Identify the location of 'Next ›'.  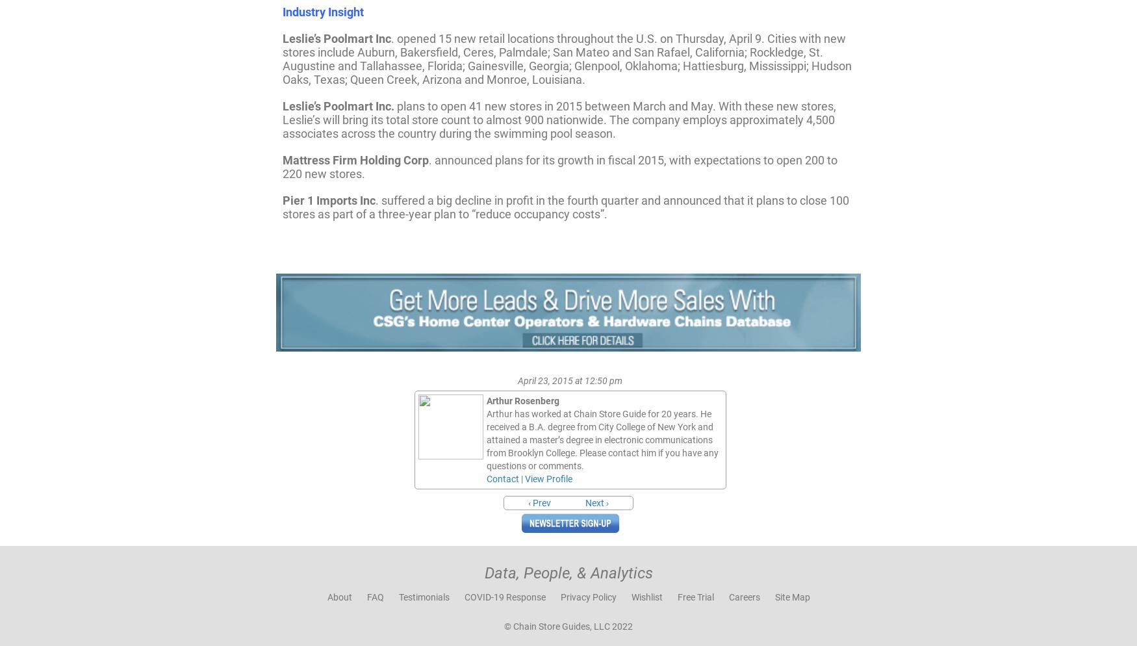
(585, 502).